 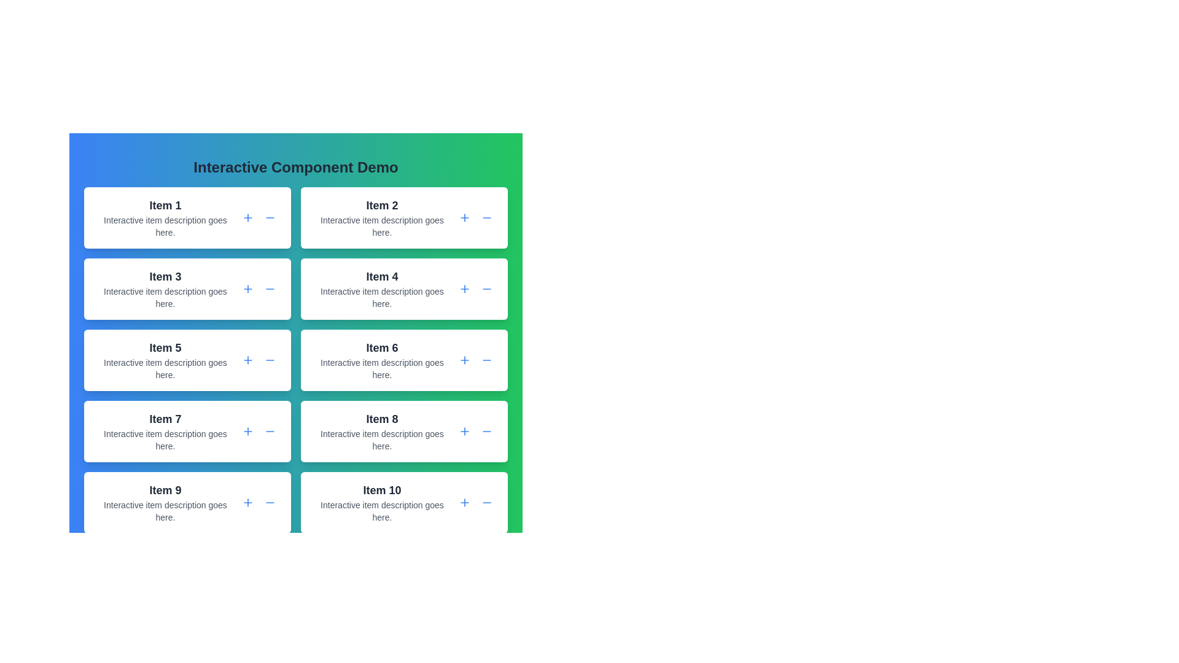 I want to click on the 'add' icon button located in the upper-right corner of the 'Item 4' card, so click(x=464, y=289).